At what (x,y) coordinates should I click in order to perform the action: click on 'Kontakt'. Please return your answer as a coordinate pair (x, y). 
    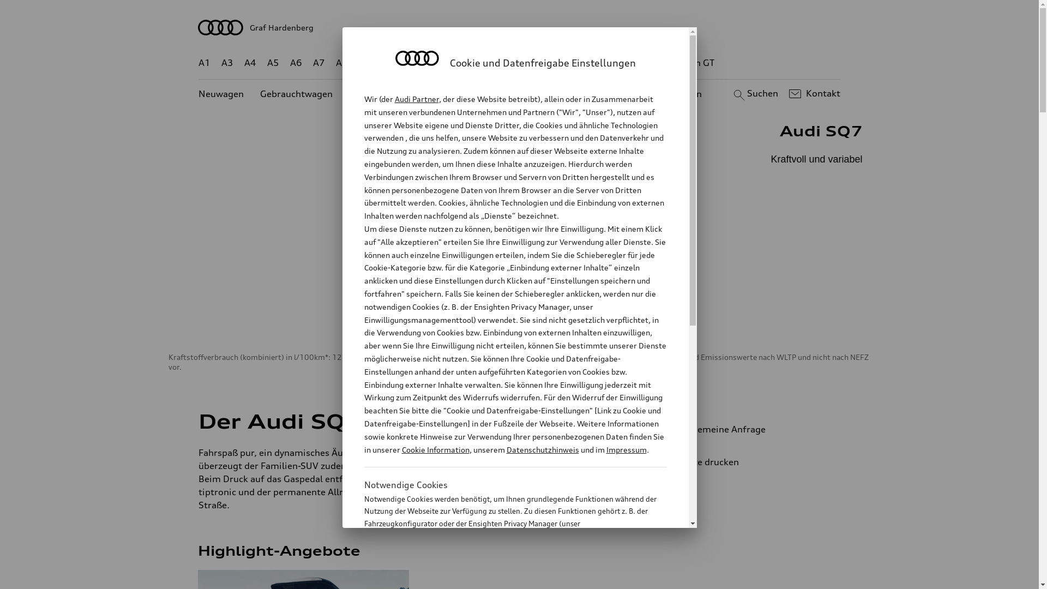
    Looking at the image, I should click on (813, 93).